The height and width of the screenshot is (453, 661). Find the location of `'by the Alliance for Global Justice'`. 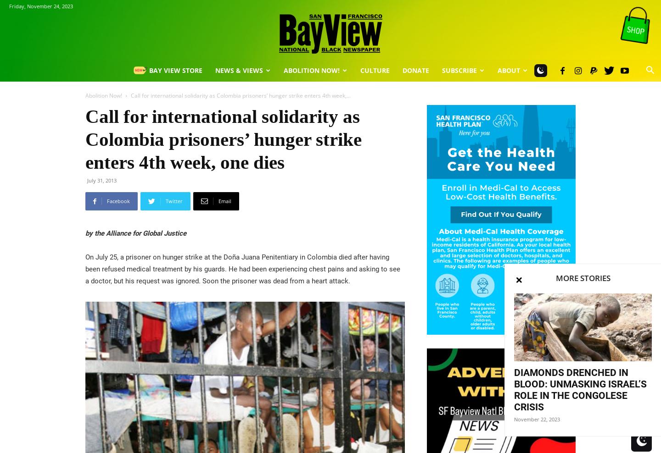

'by the Alliance for Global Justice' is located at coordinates (135, 233).